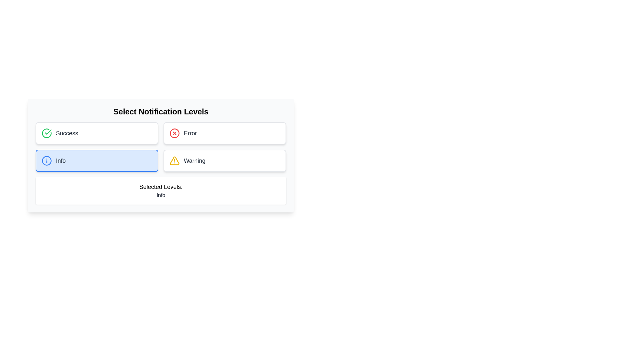 The image size is (628, 353). What do you see at coordinates (225, 161) in the screenshot?
I see `the Warning notification button` at bounding box center [225, 161].